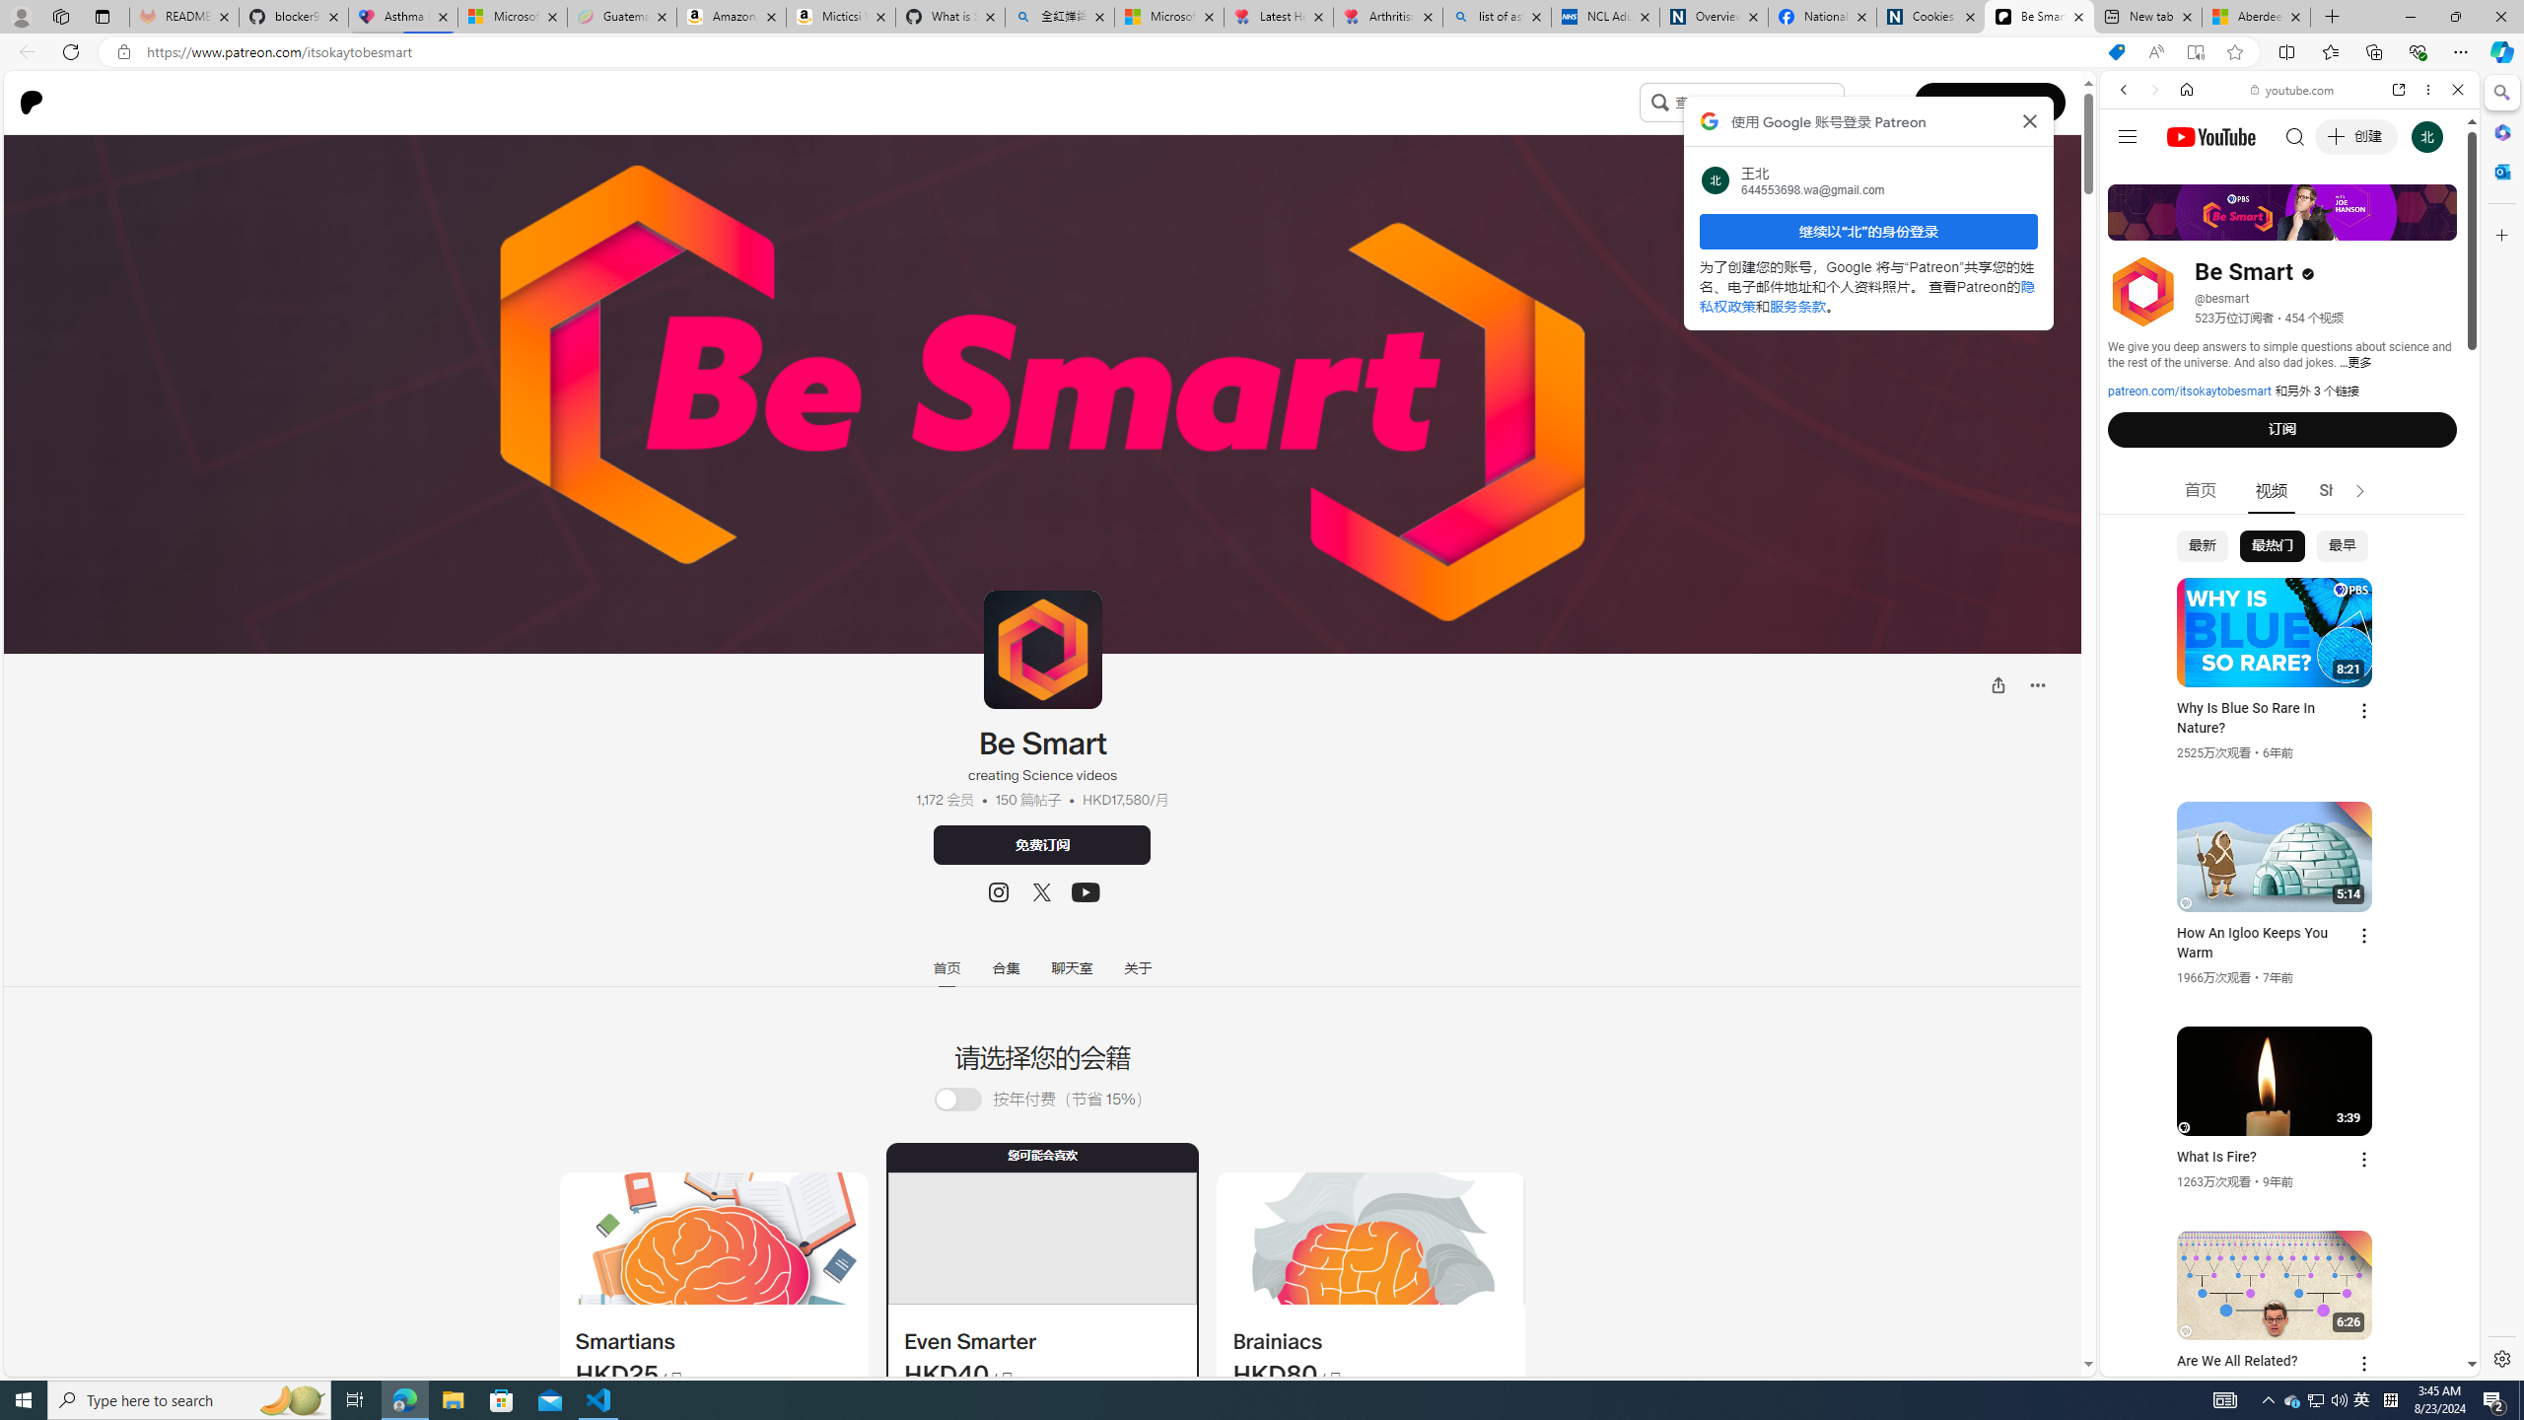  What do you see at coordinates (2132, 226) in the screenshot?
I see `'WEB  '` at bounding box center [2132, 226].